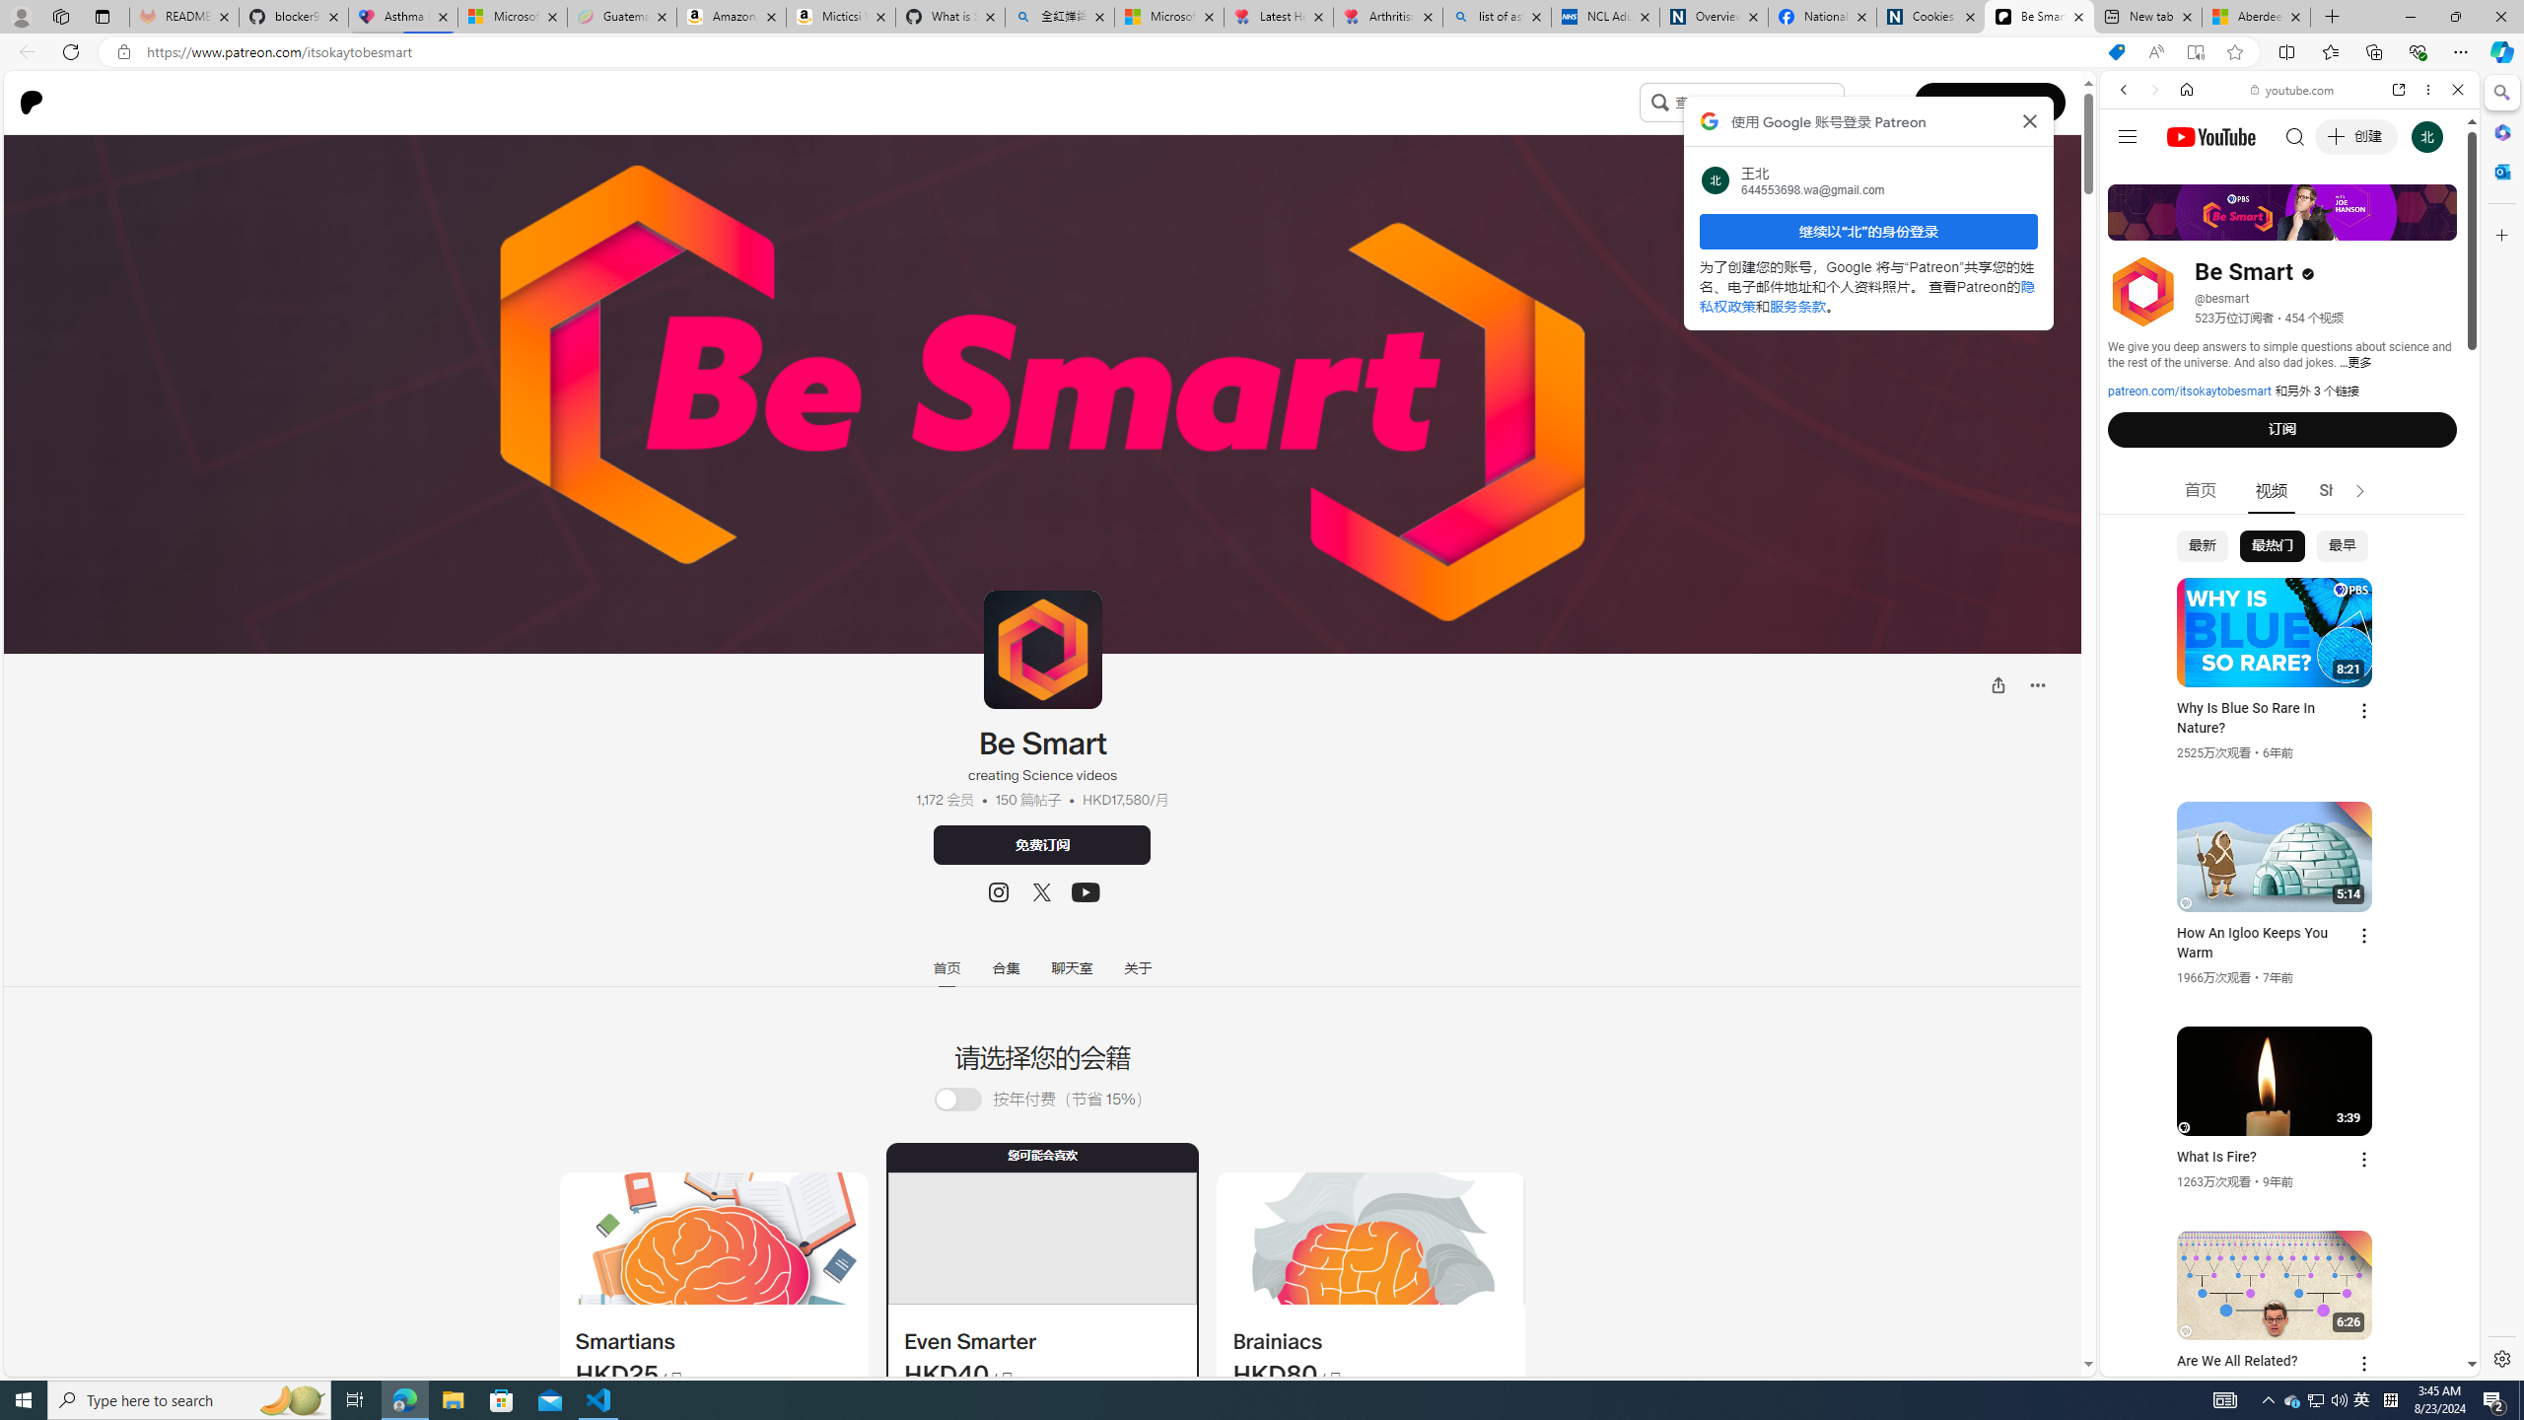  What do you see at coordinates (2132, 226) in the screenshot?
I see `'WEB  '` at bounding box center [2132, 226].